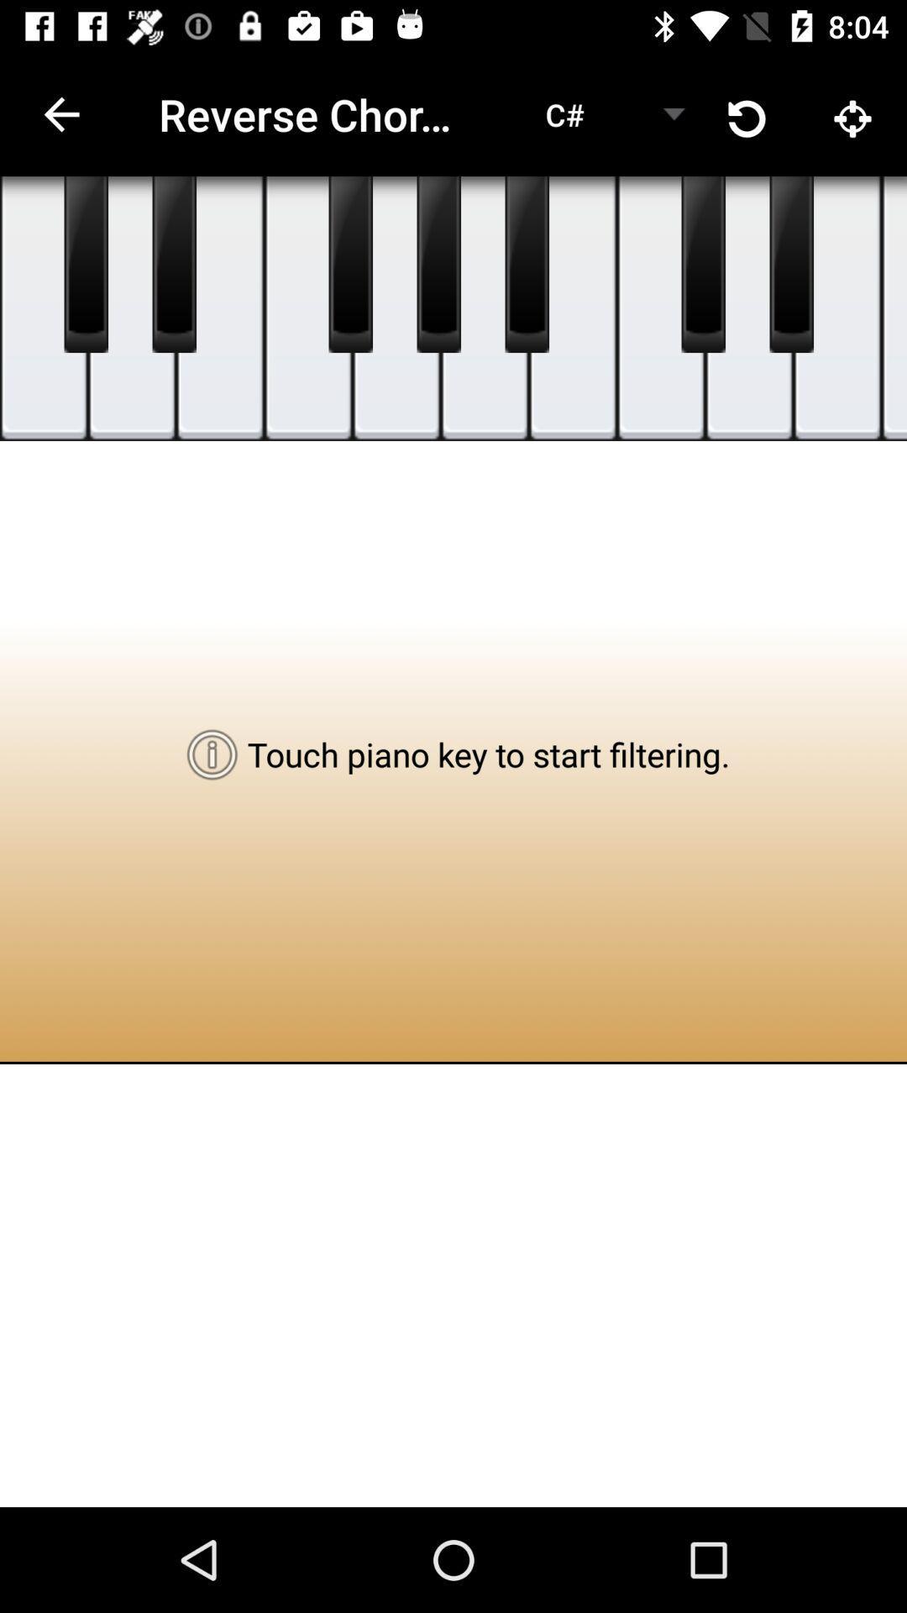 The width and height of the screenshot is (907, 1613). What do you see at coordinates (86, 264) in the screenshot?
I see `filter option` at bounding box center [86, 264].